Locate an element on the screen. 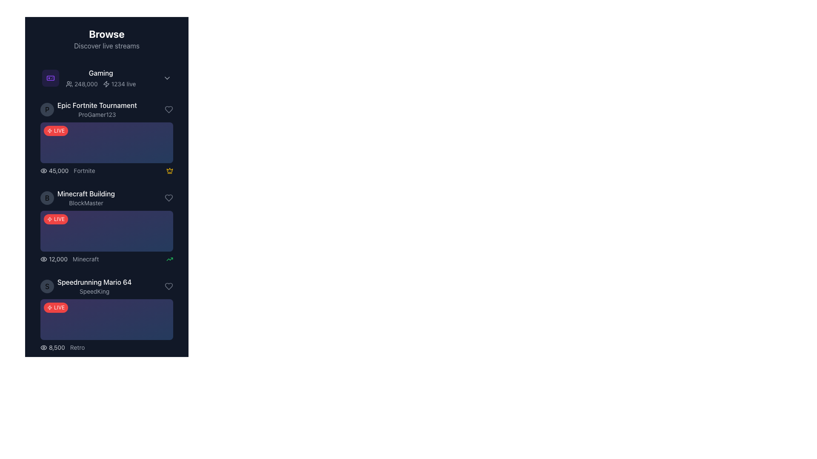  on the first interactive list item labeled 'Gaming' with a purple gamepad icon and viewer/session details is located at coordinates (106, 78).